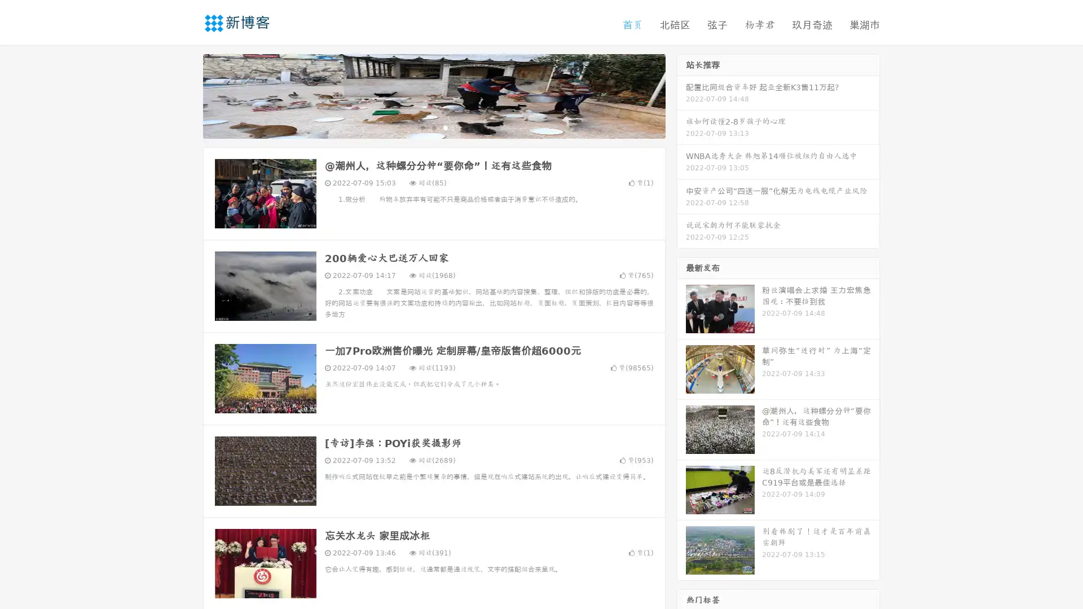 Image resolution: width=1083 pixels, height=609 pixels. What do you see at coordinates (445, 127) in the screenshot?
I see `Go to slide 3` at bounding box center [445, 127].